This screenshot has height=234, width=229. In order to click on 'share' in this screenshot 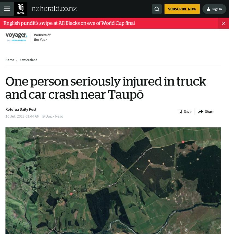, I will do `click(209, 111)`.